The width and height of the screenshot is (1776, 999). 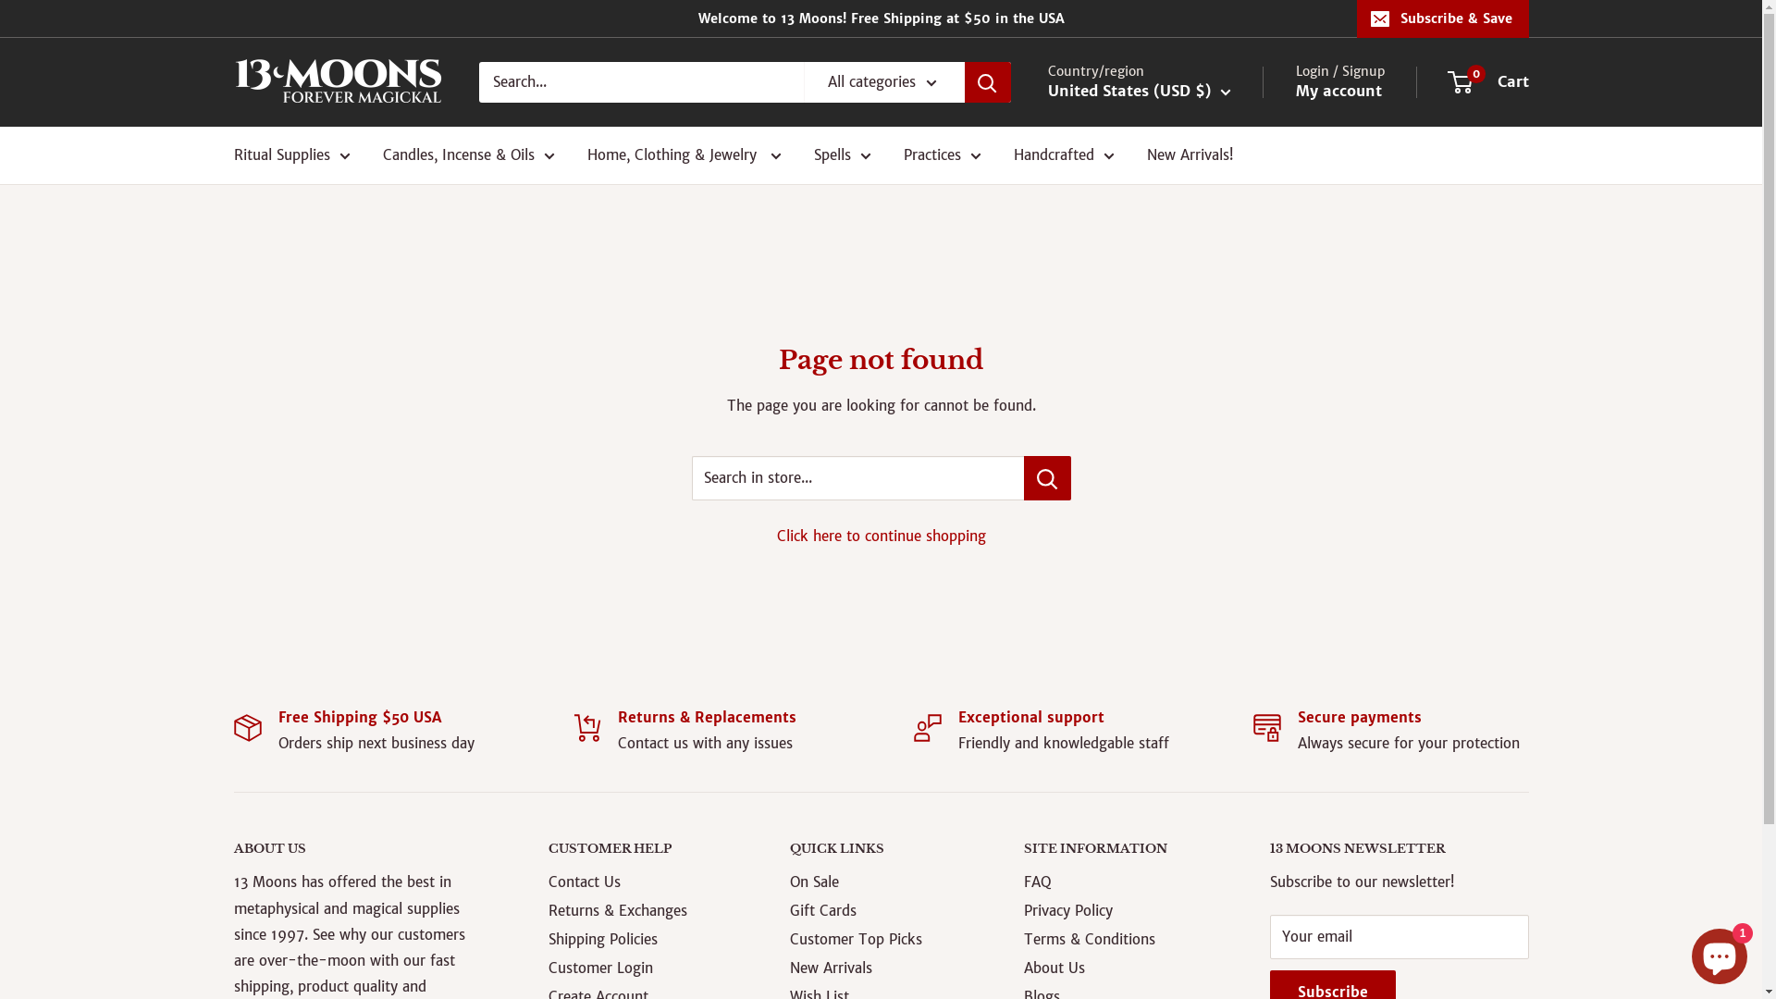 What do you see at coordinates (795, 18) in the screenshot?
I see `'Welcome to 13 Moons! Free Shipping at $50 in the USA'` at bounding box center [795, 18].